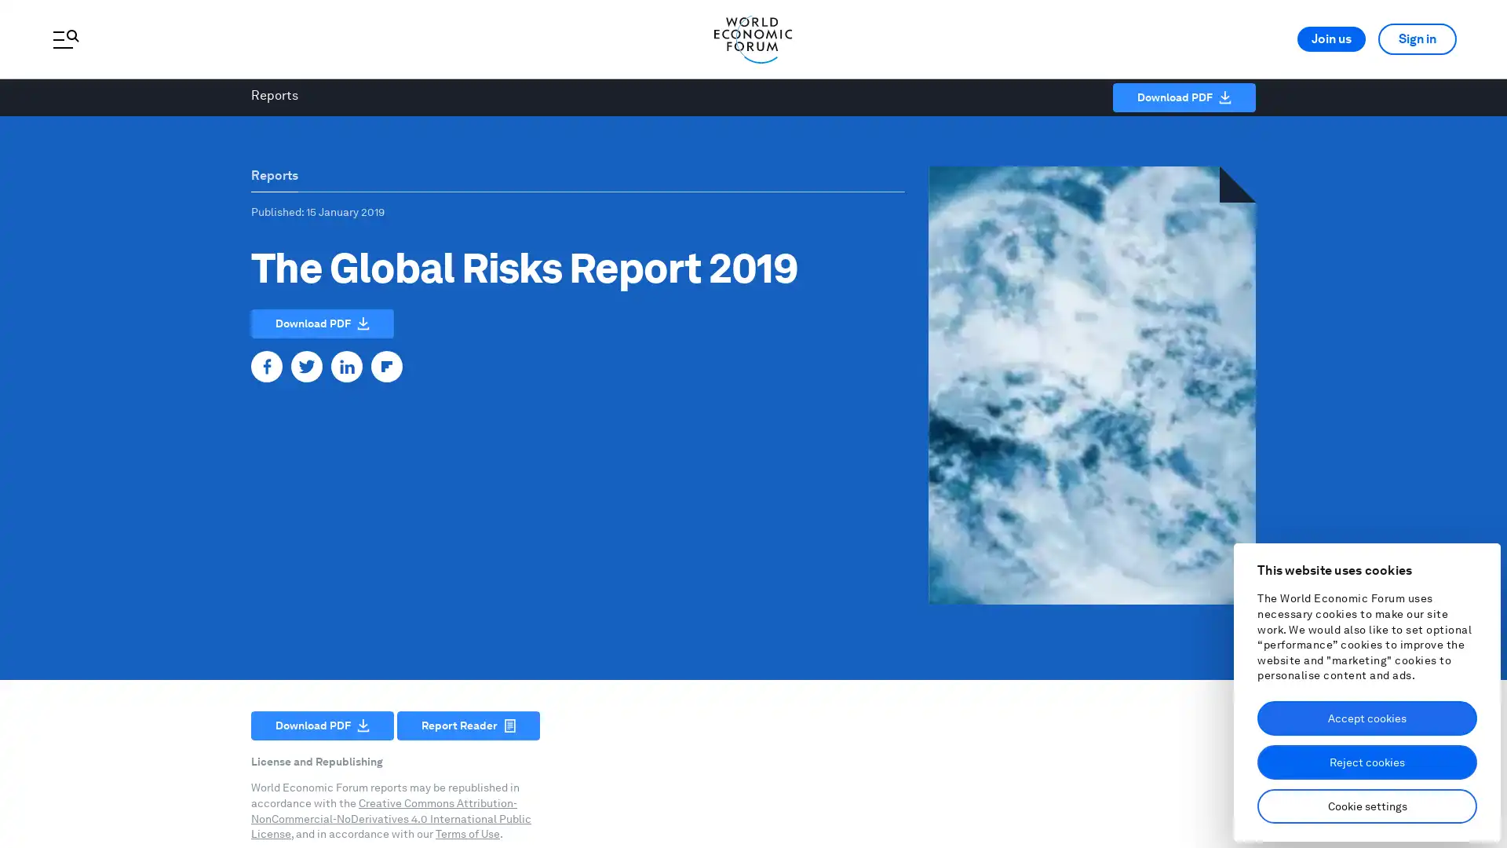 The width and height of the screenshot is (1507, 848). Describe the element at coordinates (1367, 806) in the screenshot. I see `Cookie settings` at that location.